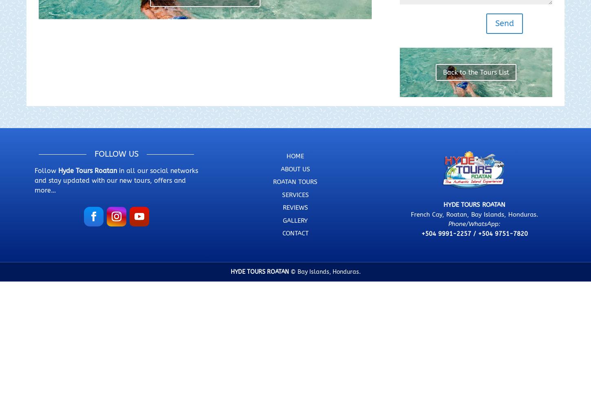 Image resolution: width=591 pixels, height=408 pixels. I want to click on 'Phone/WhatsApp:', so click(448, 224).